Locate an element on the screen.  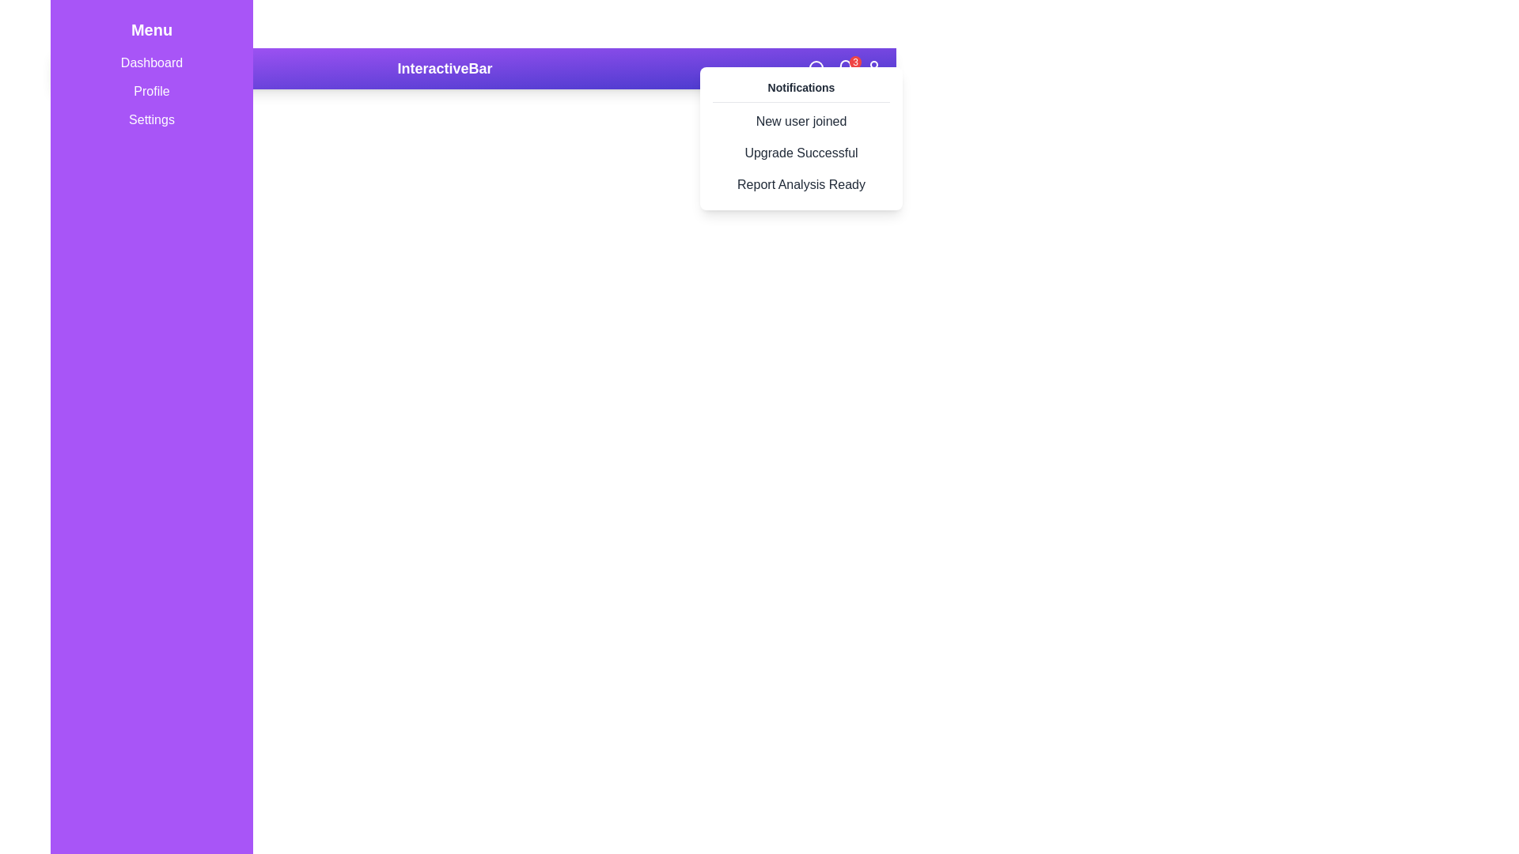
the 'Upgrade Successful' notification text label, which is styled with padding and rounded corners, located in the Notifications dropdown is located at coordinates (801, 153).